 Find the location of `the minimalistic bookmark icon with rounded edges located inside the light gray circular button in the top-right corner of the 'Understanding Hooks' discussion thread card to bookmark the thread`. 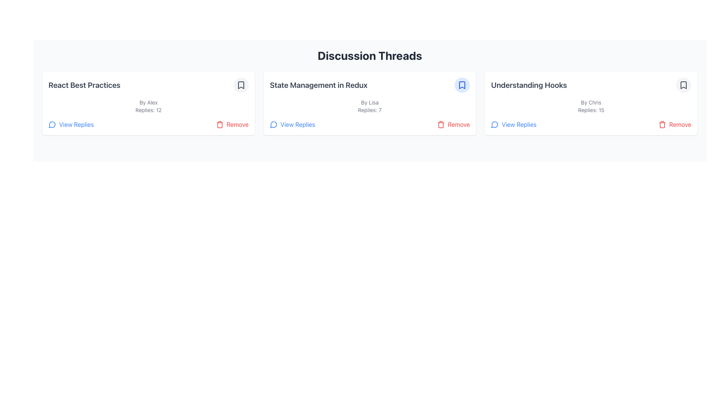

the minimalistic bookmark icon with rounded edges located inside the light gray circular button in the top-right corner of the 'Understanding Hooks' discussion thread card to bookmark the thread is located at coordinates (684, 85).